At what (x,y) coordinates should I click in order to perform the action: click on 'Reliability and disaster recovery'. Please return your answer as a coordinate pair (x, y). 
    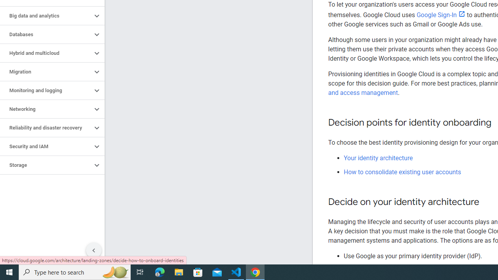
    Looking at the image, I should click on (46, 128).